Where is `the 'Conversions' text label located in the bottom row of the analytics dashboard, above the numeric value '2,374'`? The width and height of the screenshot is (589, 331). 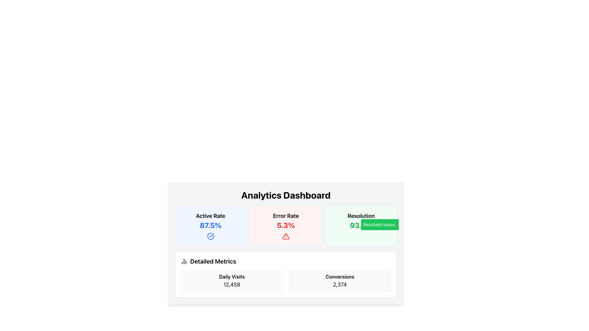
the 'Conversions' text label located in the bottom row of the analytics dashboard, above the numeric value '2,374' is located at coordinates (340, 276).